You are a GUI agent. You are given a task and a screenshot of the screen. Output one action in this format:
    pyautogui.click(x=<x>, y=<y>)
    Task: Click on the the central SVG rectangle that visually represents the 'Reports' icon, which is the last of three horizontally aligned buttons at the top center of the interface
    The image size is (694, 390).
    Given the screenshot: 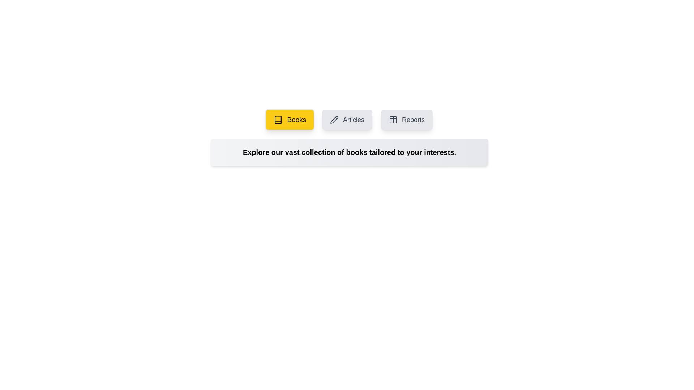 What is the action you would take?
    pyautogui.click(x=393, y=119)
    